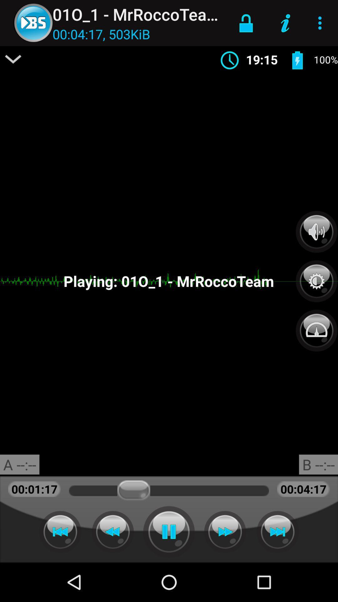  What do you see at coordinates (316, 277) in the screenshot?
I see `set brightness settings` at bounding box center [316, 277].